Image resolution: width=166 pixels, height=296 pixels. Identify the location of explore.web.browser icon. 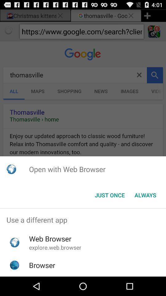
(55, 247).